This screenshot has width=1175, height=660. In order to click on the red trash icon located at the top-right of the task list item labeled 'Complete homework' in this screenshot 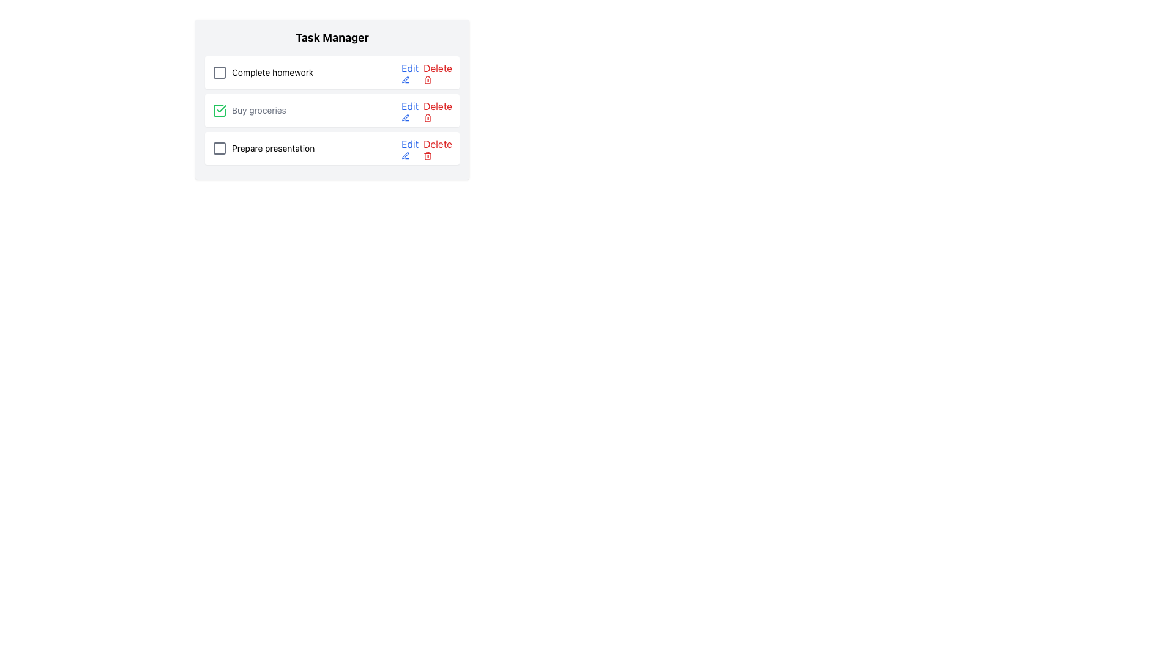, I will do `click(428, 80)`.